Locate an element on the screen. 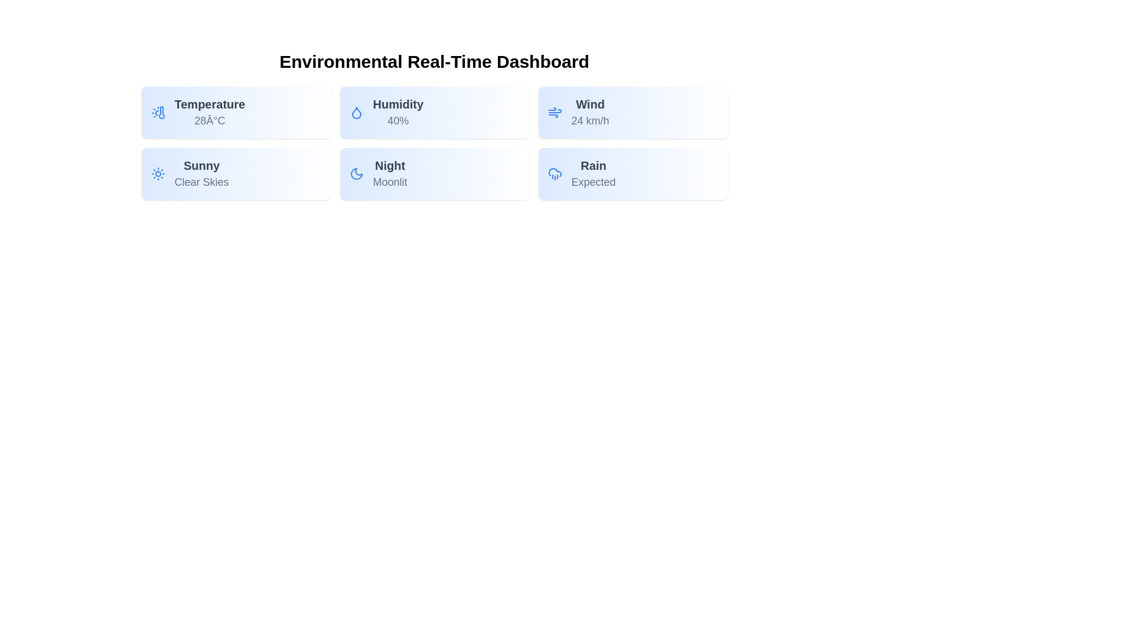 This screenshot has width=1134, height=637. the hollow line design forming a curve indicative of wind gusts, located in the top-right card labeled 'Wind 24 km/h' in the dashboard is located at coordinates (554, 111).